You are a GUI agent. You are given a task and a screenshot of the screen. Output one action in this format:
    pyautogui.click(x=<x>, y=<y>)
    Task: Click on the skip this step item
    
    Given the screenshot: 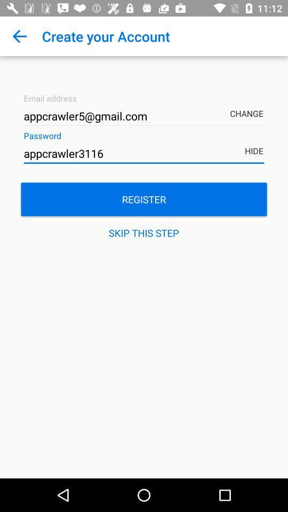 What is the action you would take?
    pyautogui.click(x=143, y=233)
    